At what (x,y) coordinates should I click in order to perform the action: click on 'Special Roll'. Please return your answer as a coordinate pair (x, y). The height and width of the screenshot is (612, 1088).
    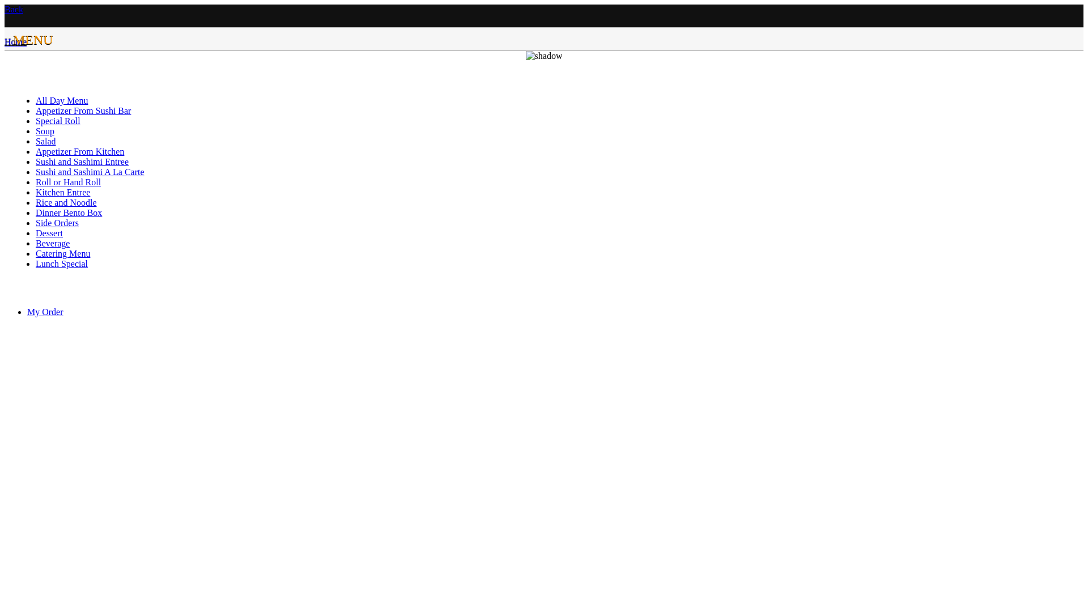
    Looking at the image, I should click on (57, 121).